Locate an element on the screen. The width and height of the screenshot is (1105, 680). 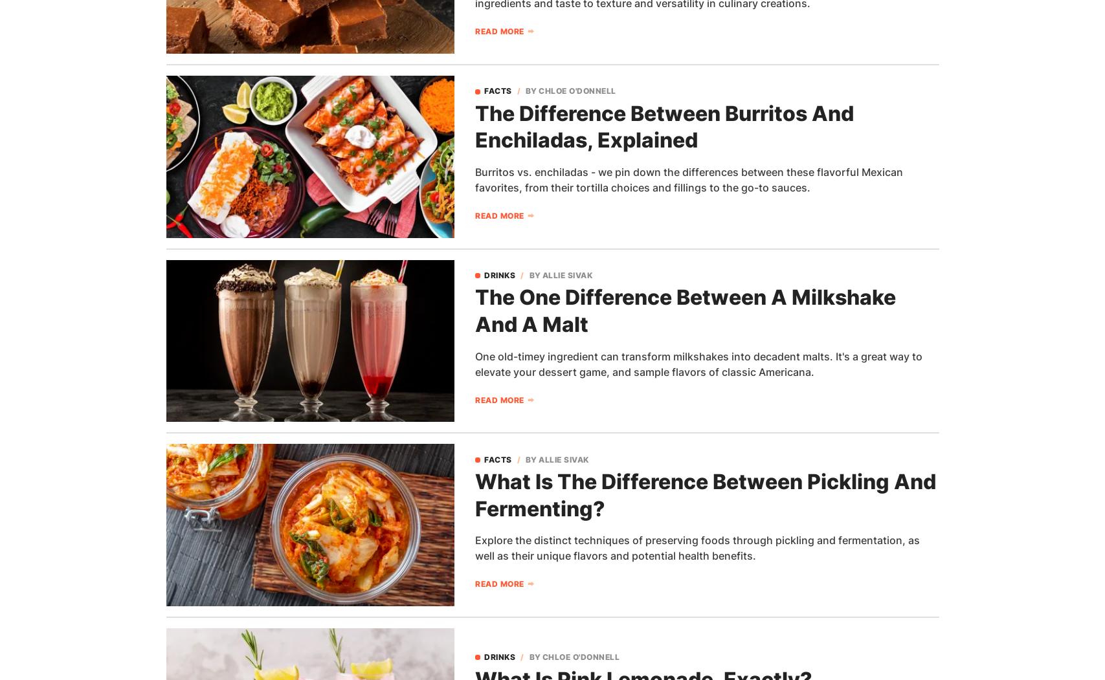
'Explore the distinct techniques of preserving foods through pickling and fermentation, as well as their unique flavors and potential health benefits.' is located at coordinates (697, 548).